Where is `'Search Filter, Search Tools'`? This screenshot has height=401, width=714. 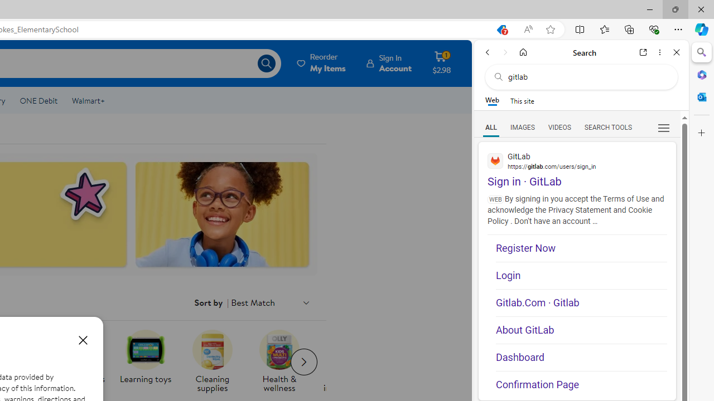 'Search Filter, Search Tools' is located at coordinates (607, 126).